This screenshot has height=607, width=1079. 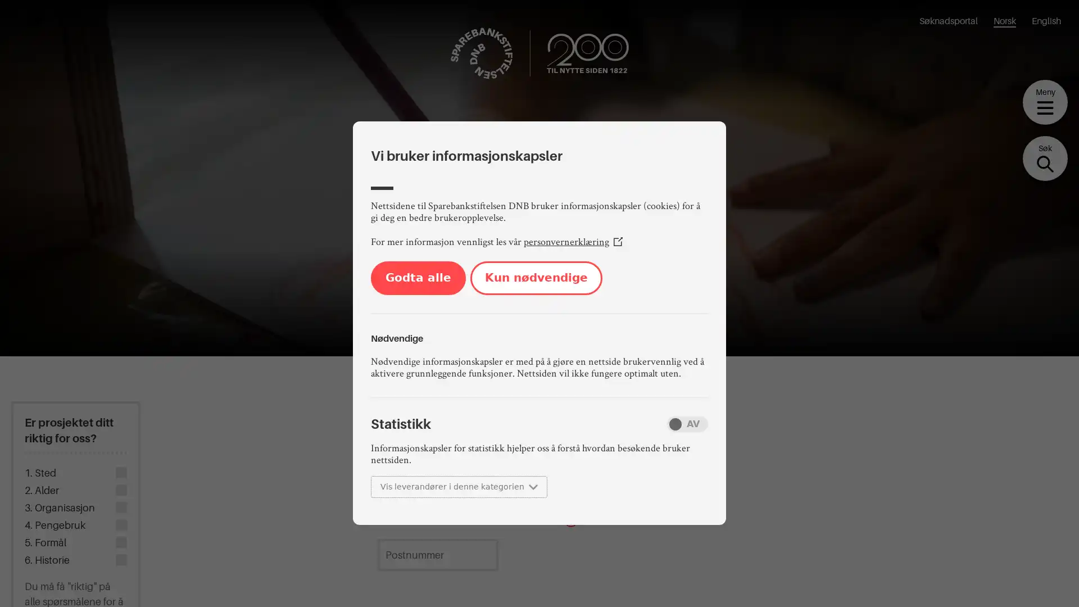 What do you see at coordinates (536, 278) in the screenshot?
I see `Kun ndvendige` at bounding box center [536, 278].